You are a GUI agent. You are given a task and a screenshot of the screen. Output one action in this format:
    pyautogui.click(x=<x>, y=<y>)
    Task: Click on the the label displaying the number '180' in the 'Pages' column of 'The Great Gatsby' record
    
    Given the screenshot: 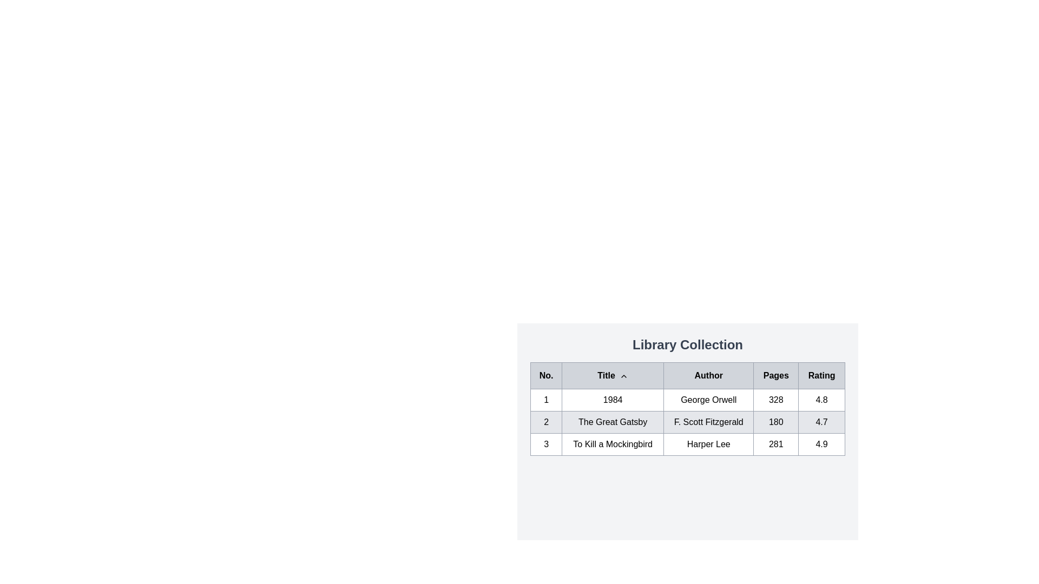 What is the action you would take?
    pyautogui.click(x=775, y=421)
    